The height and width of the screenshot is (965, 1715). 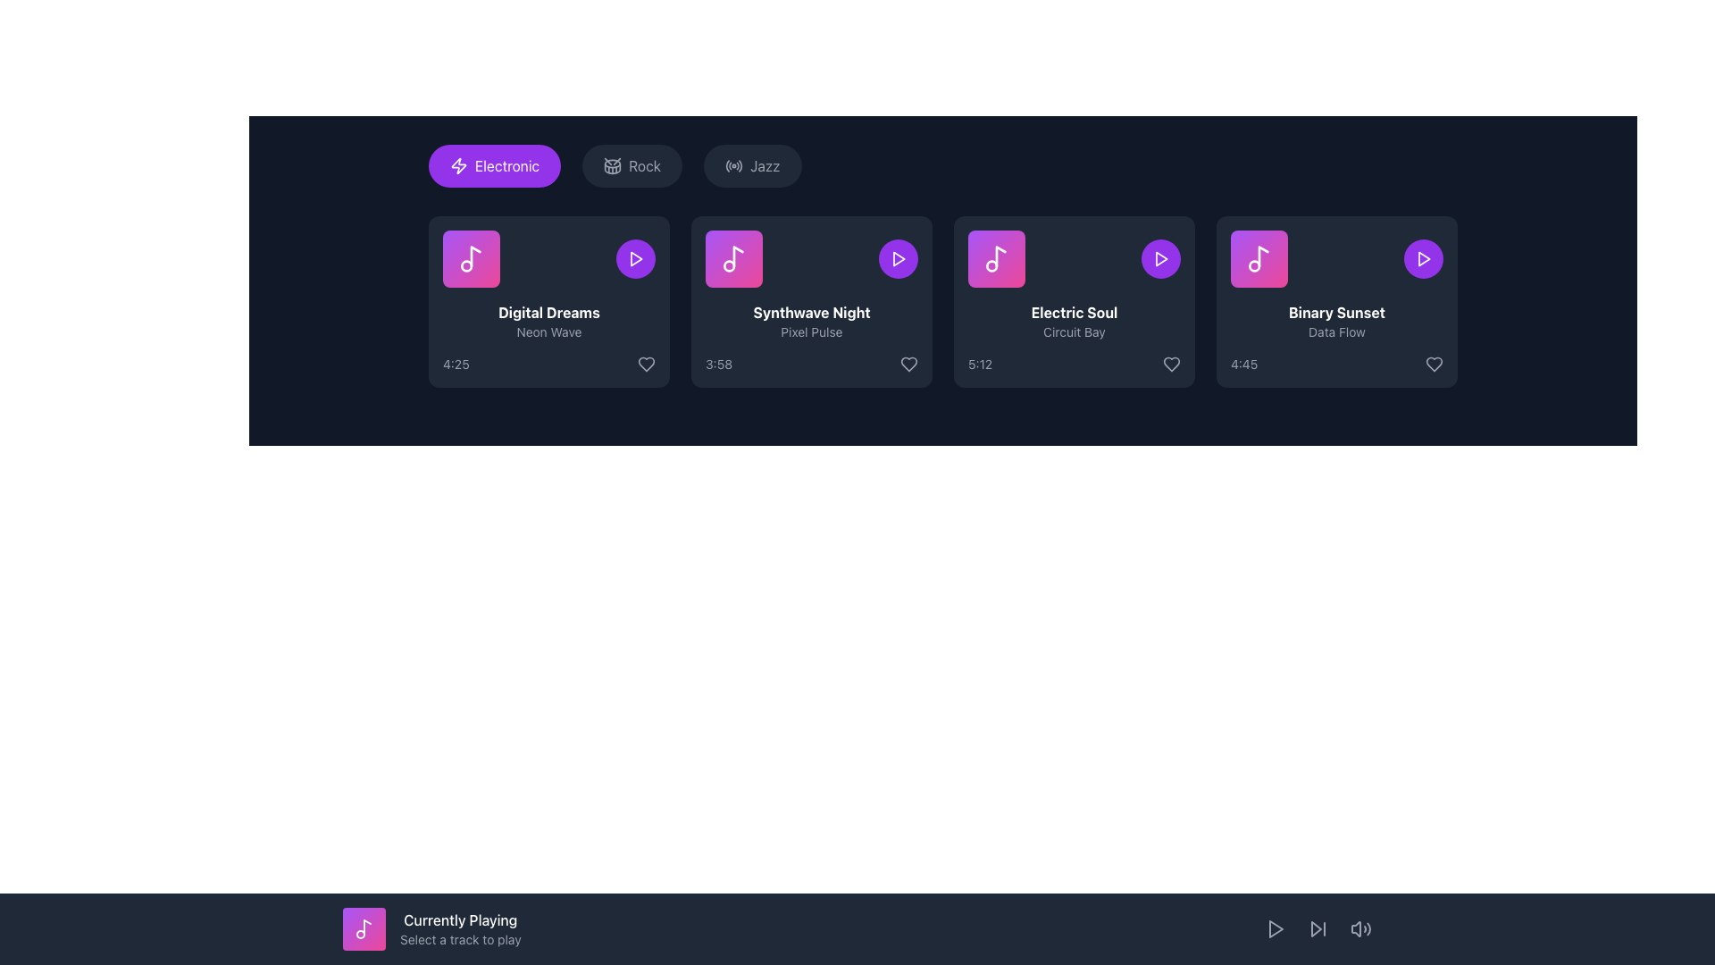 What do you see at coordinates (1276, 928) in the screenshot?
I see `the triangular 'play' button with a hollow center located in the bottom-right corner of the media control bar to play media` at bounding box center [1276, 928].